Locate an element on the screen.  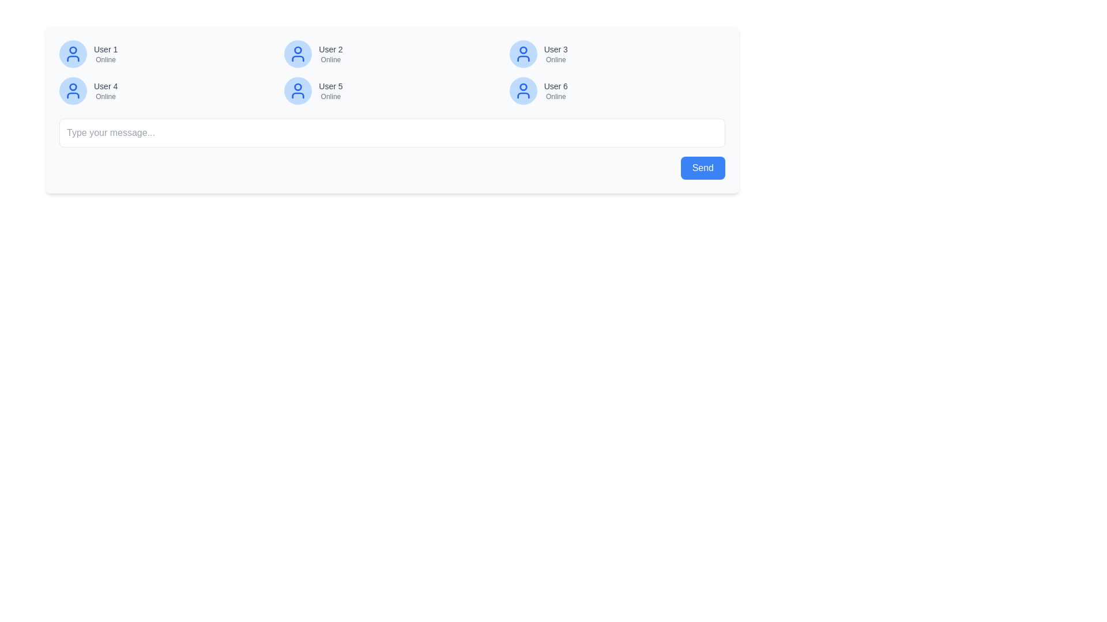
the circular icon with a light blue background and user silhouette symbol, which indicates 'User 3 Online', positioned in the third column, second row of the user status grid is located at coordinates (522, 54).